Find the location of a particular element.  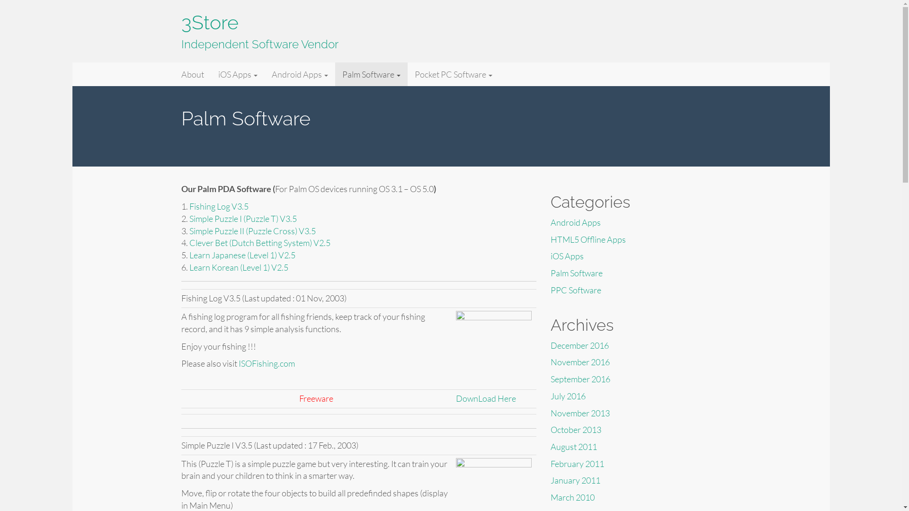

'December 2016' is located at coordinates (579, 345).